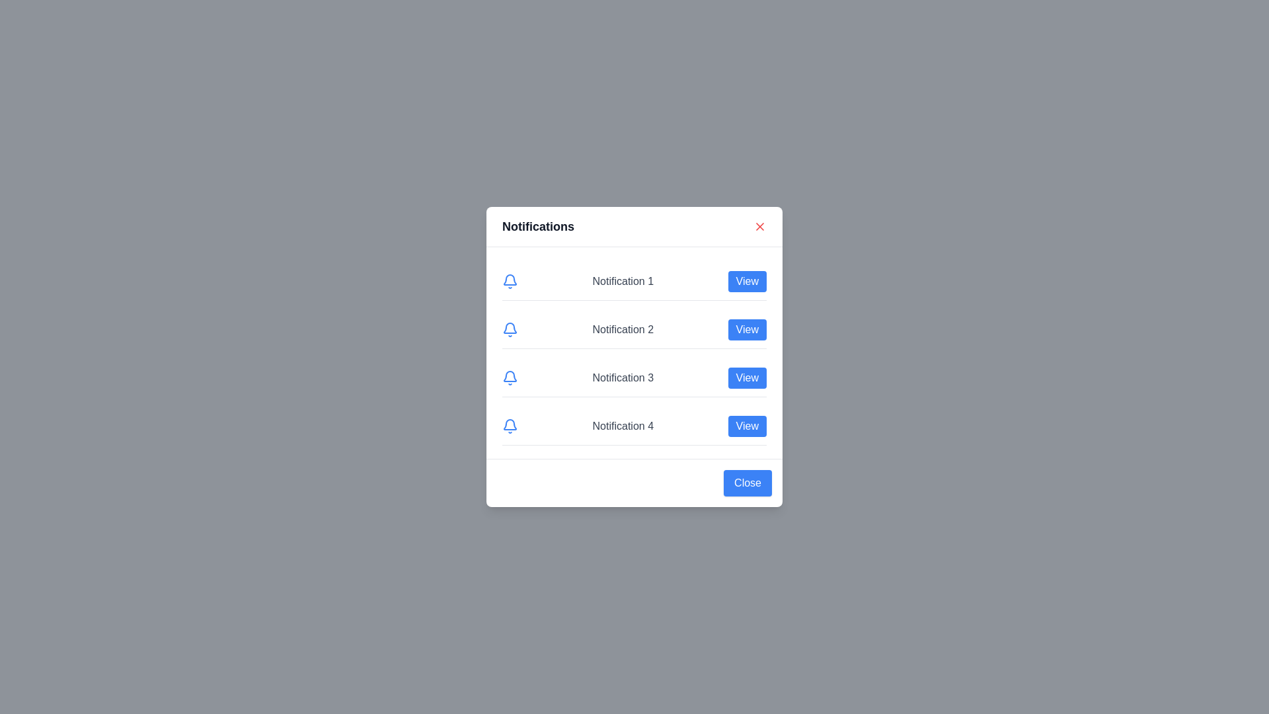 The width and height of the screenshot is (1269, 714). Describe the element at coordinates (747, 426) in the screenshot. I see `the 'View' button corresponding to notification number 4` at that location.